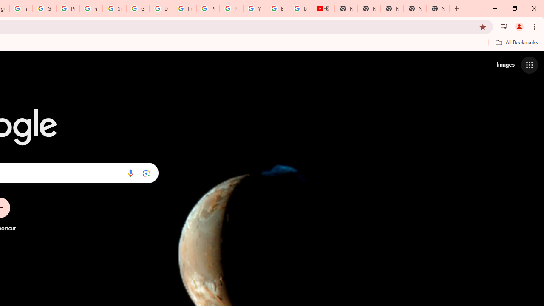 This screenshot has height=306, width=544. Describe the element at coordinates (438, 8) in the screenshot. I see `'New Tab'` at that location.